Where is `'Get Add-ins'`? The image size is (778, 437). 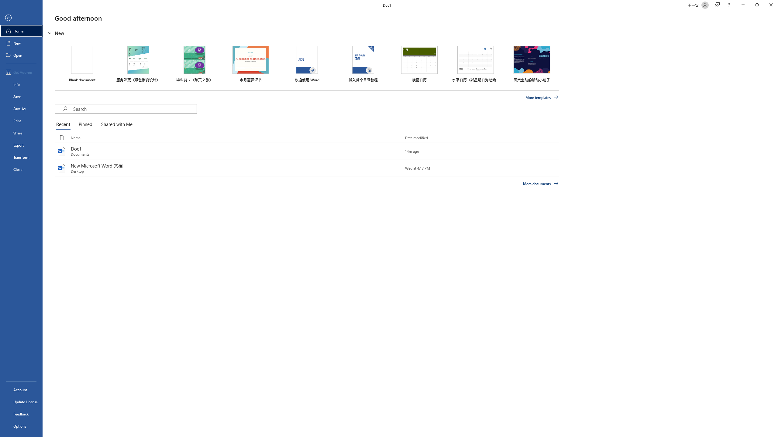
'Get Add-ins' is located at coordinates (21, 72).